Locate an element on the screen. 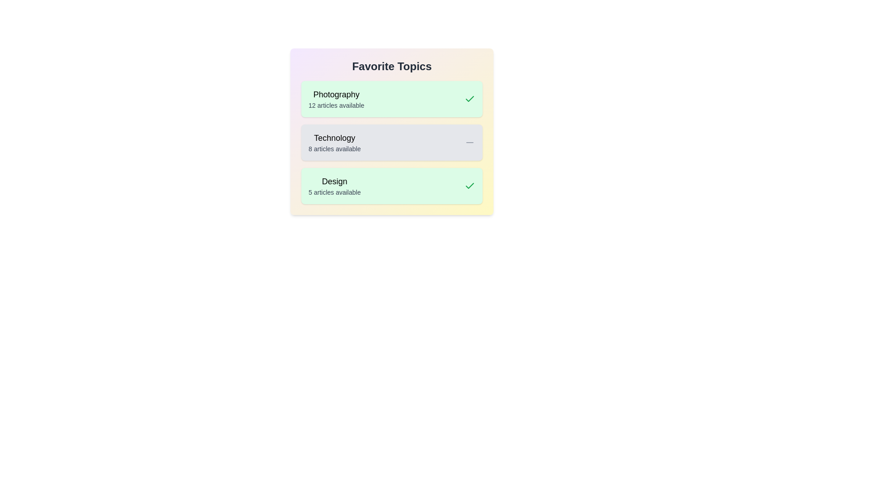 This screenshot has width=870, height=489. the topic card labeled 'Photography' is located at coordinates (391, 99).